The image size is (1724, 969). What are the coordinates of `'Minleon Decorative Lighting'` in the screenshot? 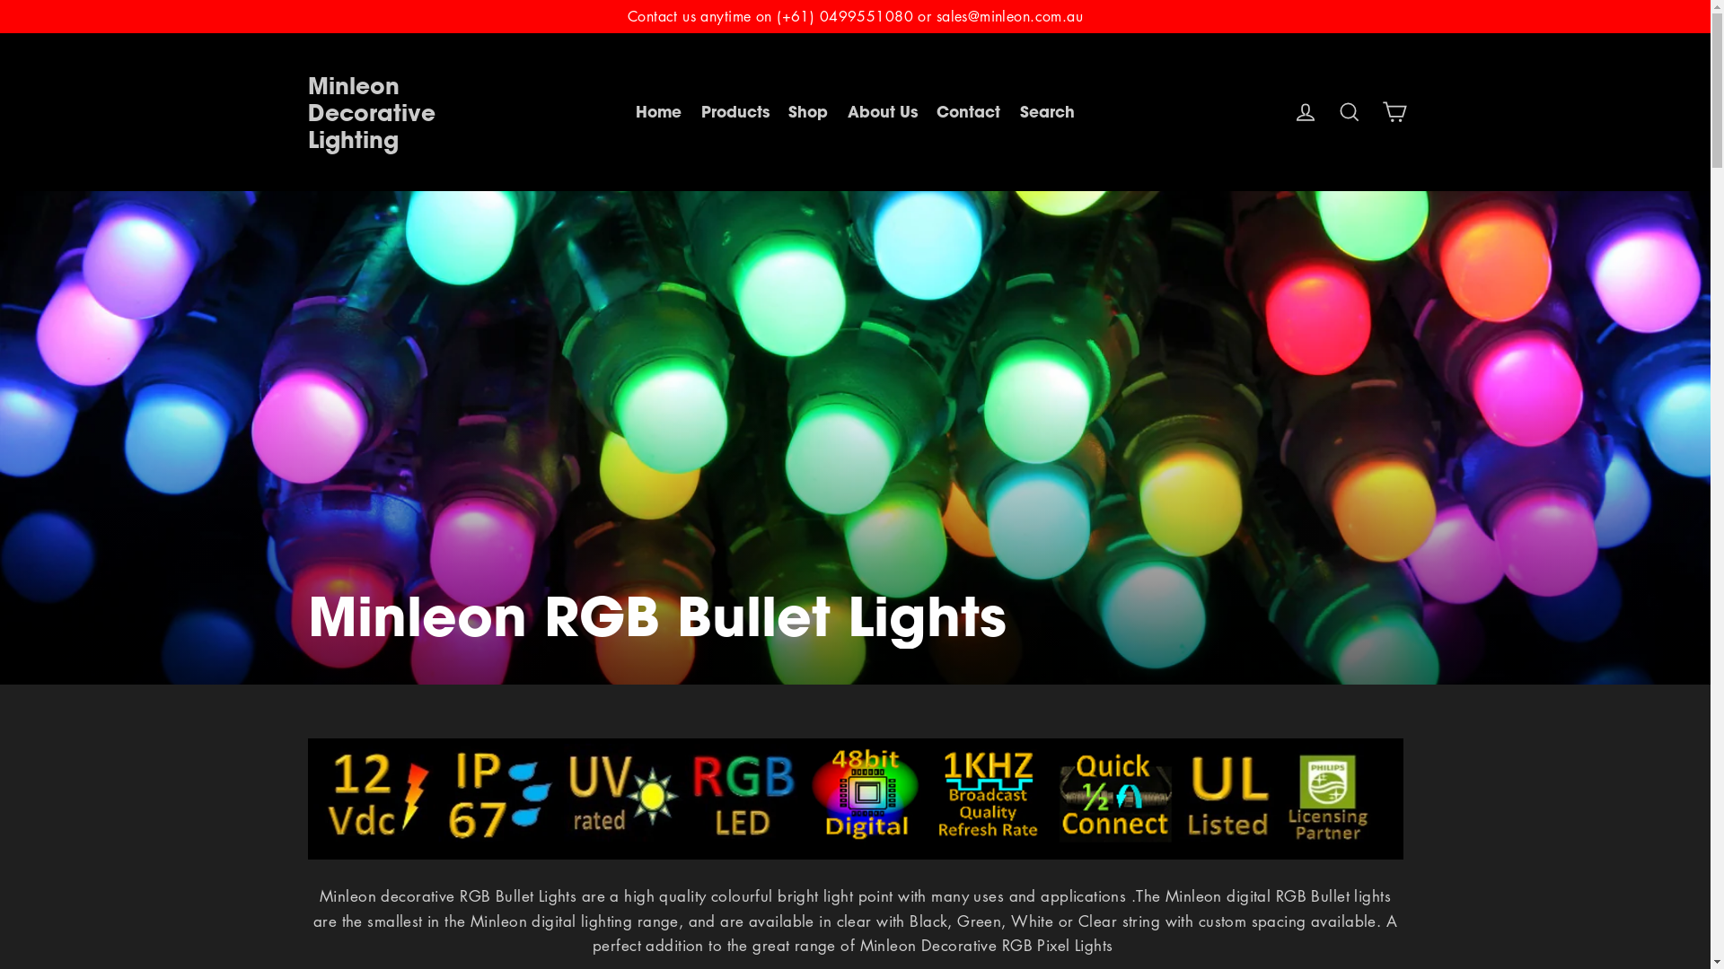 It's located at (306, 111).